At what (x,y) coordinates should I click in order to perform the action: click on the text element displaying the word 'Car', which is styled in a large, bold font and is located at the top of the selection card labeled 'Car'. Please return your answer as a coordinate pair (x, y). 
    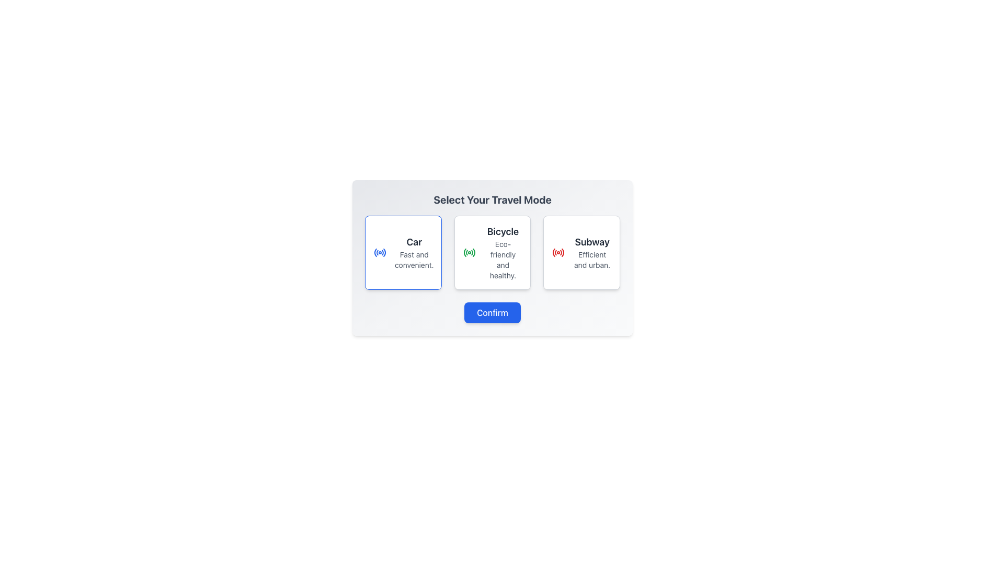
    Looking at the image, I should click on (414, 242).